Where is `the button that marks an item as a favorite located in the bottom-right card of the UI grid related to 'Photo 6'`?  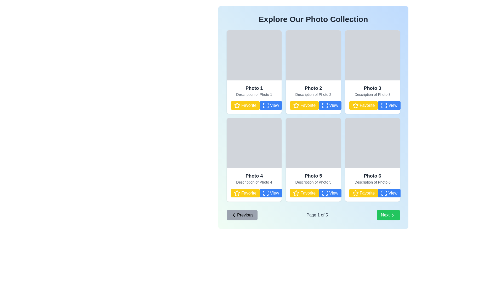 the button that marks an item as a favorite located in the bottom-right card of the UI grid related to 'Photo 6' is located at coordinates (363, 193).